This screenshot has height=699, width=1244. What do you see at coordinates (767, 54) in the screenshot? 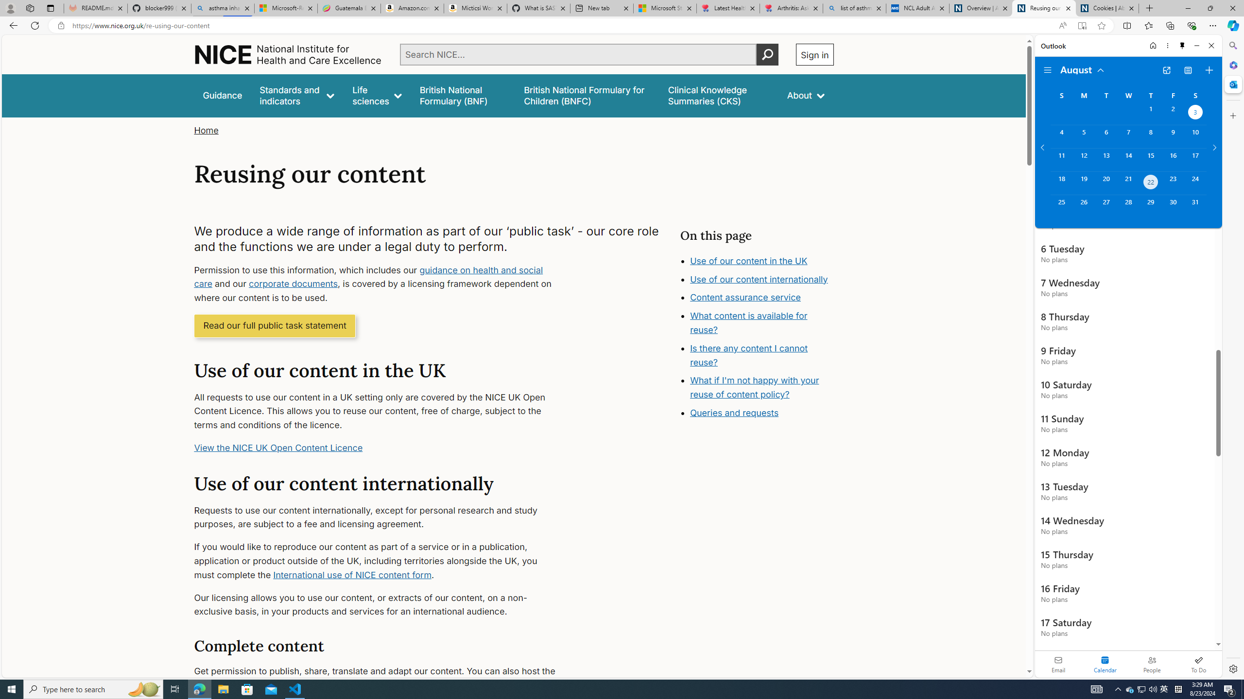
I see `'Perform search'` at bounding box center [767, 54].